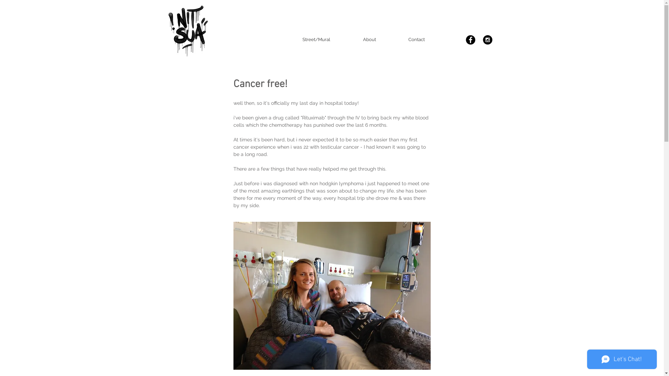  What do you see at coordinates (316, 40) in the screenshot?
I see `'Street/Mural'` at bounding box center [316, 40].